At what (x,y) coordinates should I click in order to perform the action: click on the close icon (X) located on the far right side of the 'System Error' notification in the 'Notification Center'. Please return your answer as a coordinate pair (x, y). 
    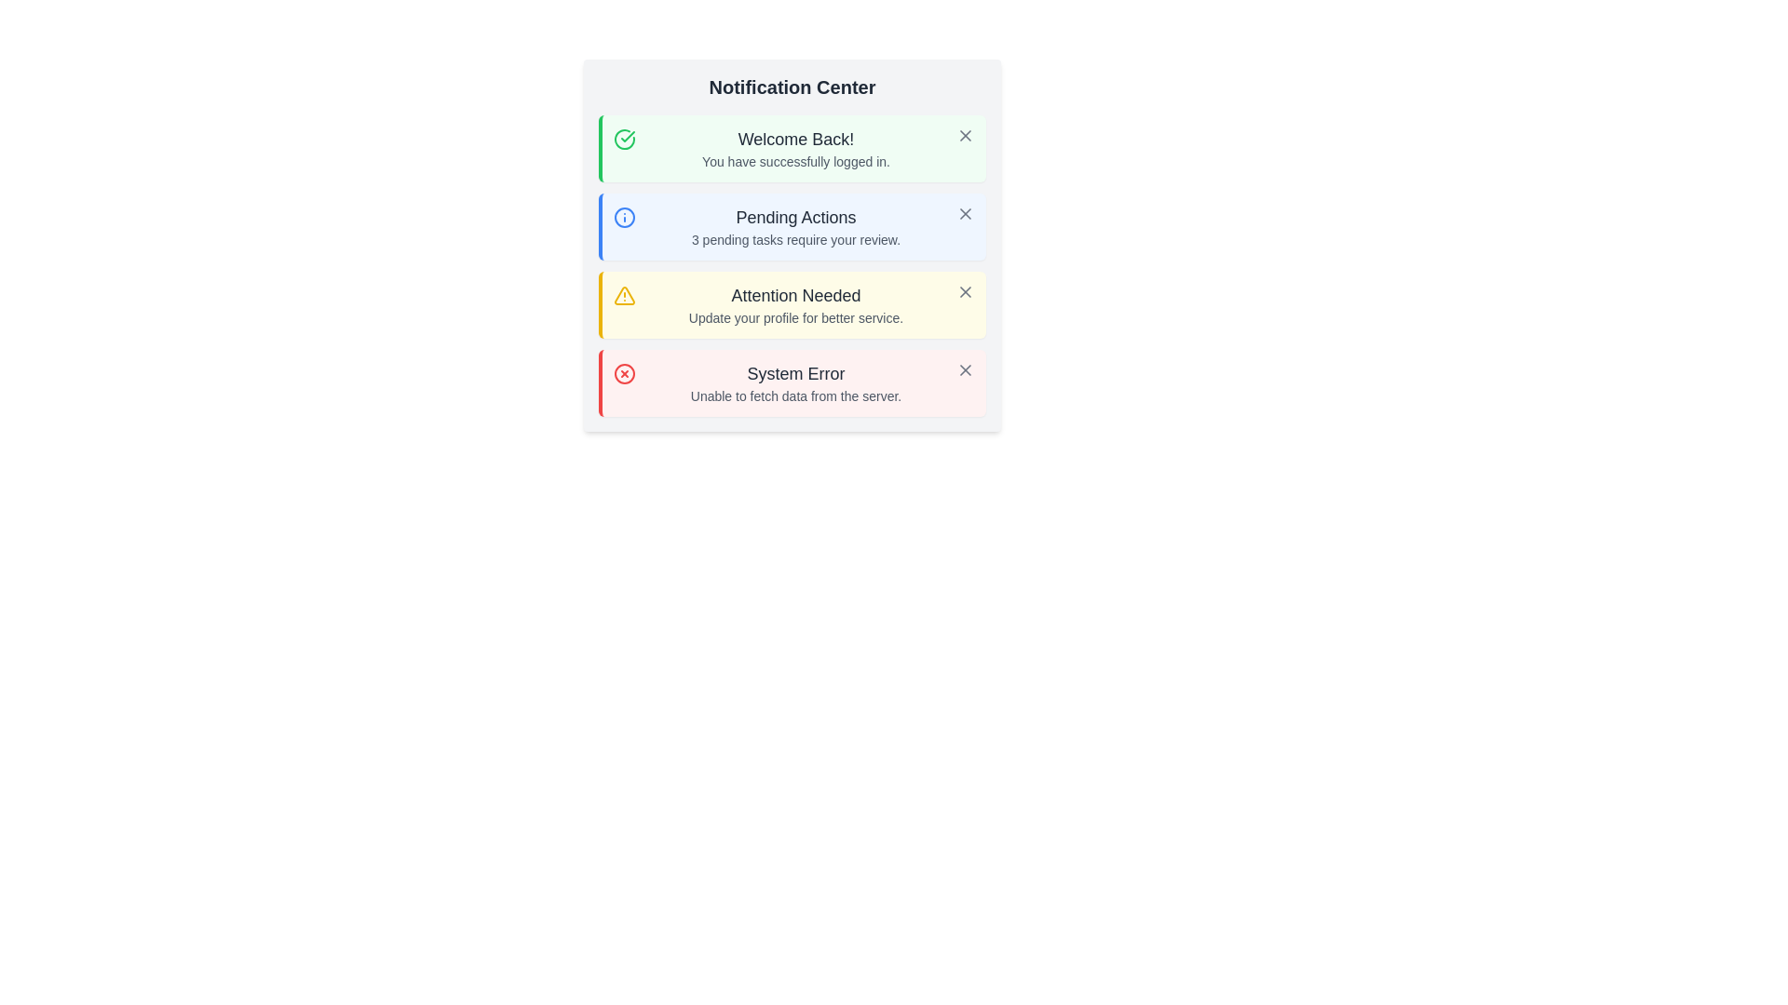
    Looking at the image, I should click on (965, 369).